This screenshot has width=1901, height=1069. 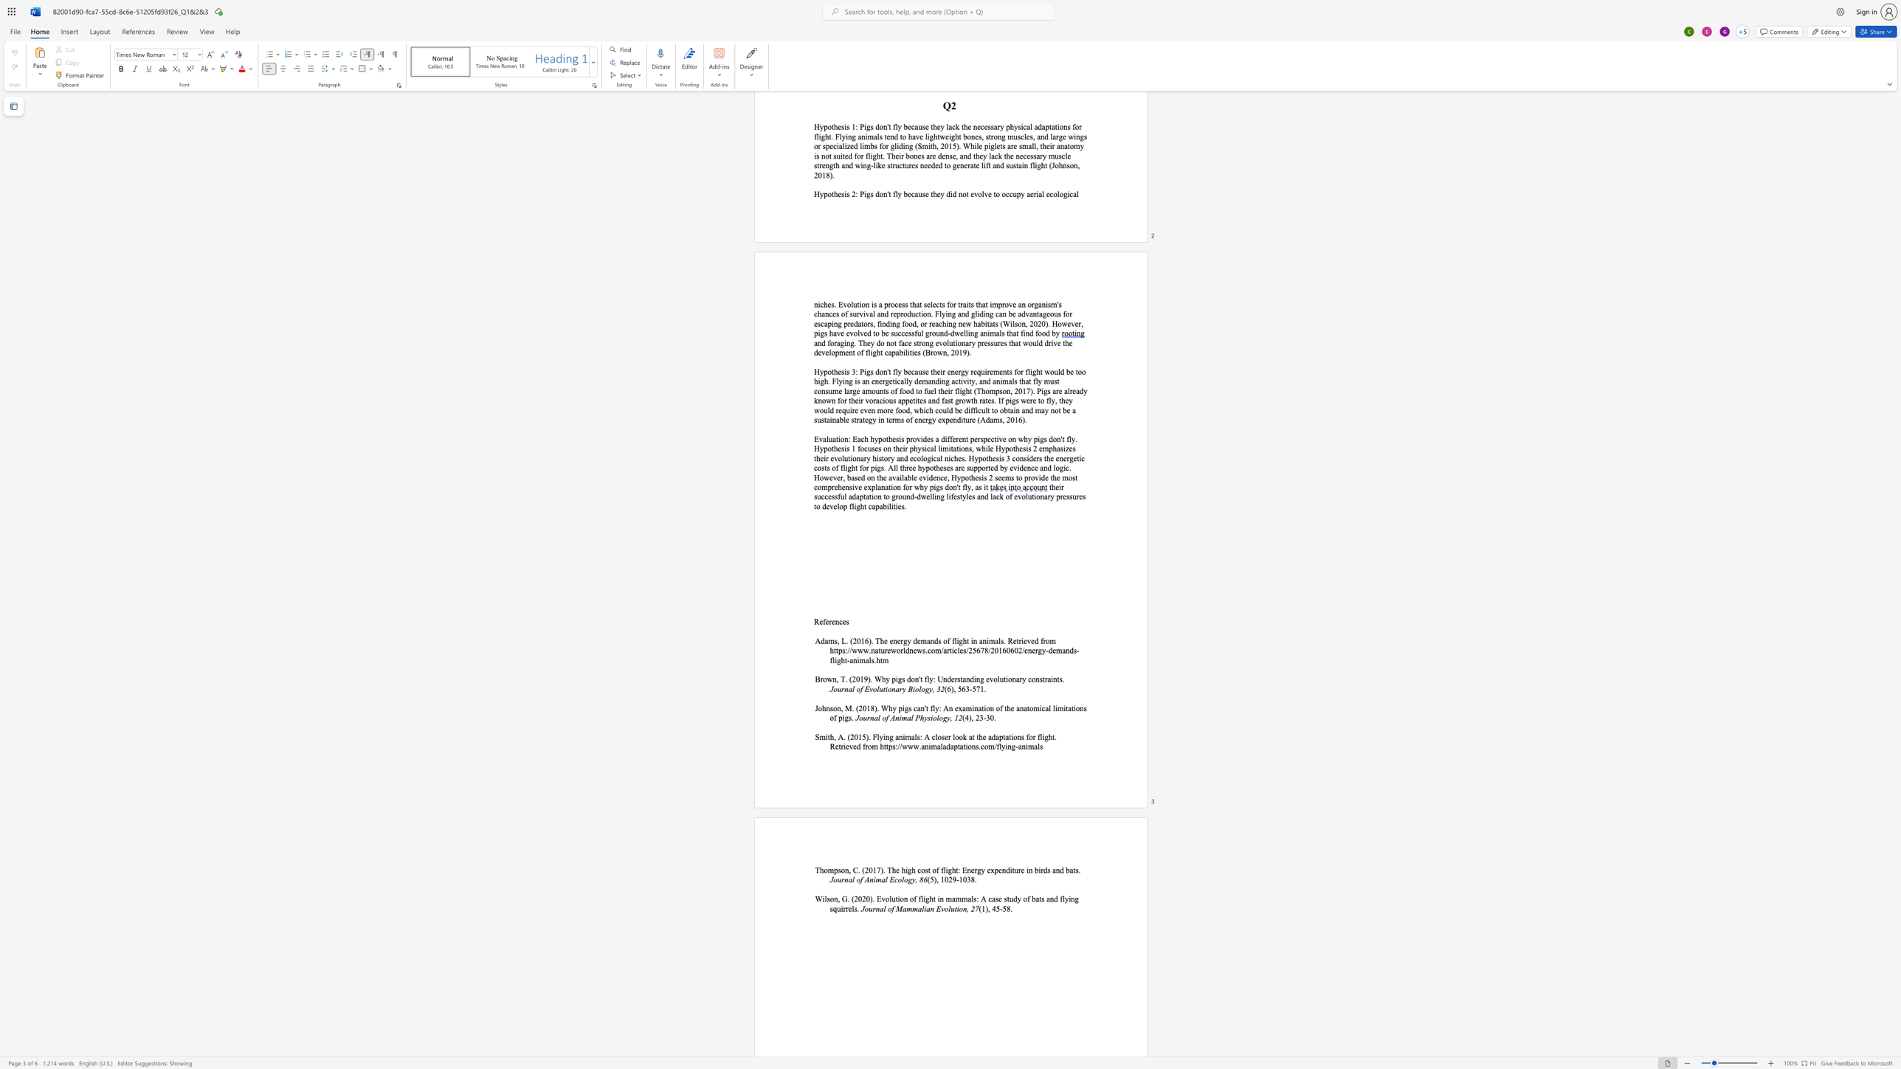 I want to click on the 1th character "(" in the text, so click(x=856, y=708).